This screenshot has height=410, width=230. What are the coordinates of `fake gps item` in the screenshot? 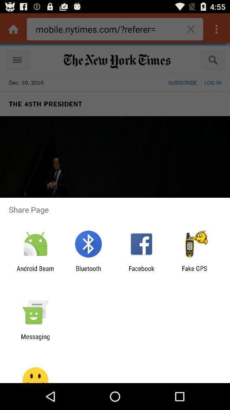 It's located at (194, 272).